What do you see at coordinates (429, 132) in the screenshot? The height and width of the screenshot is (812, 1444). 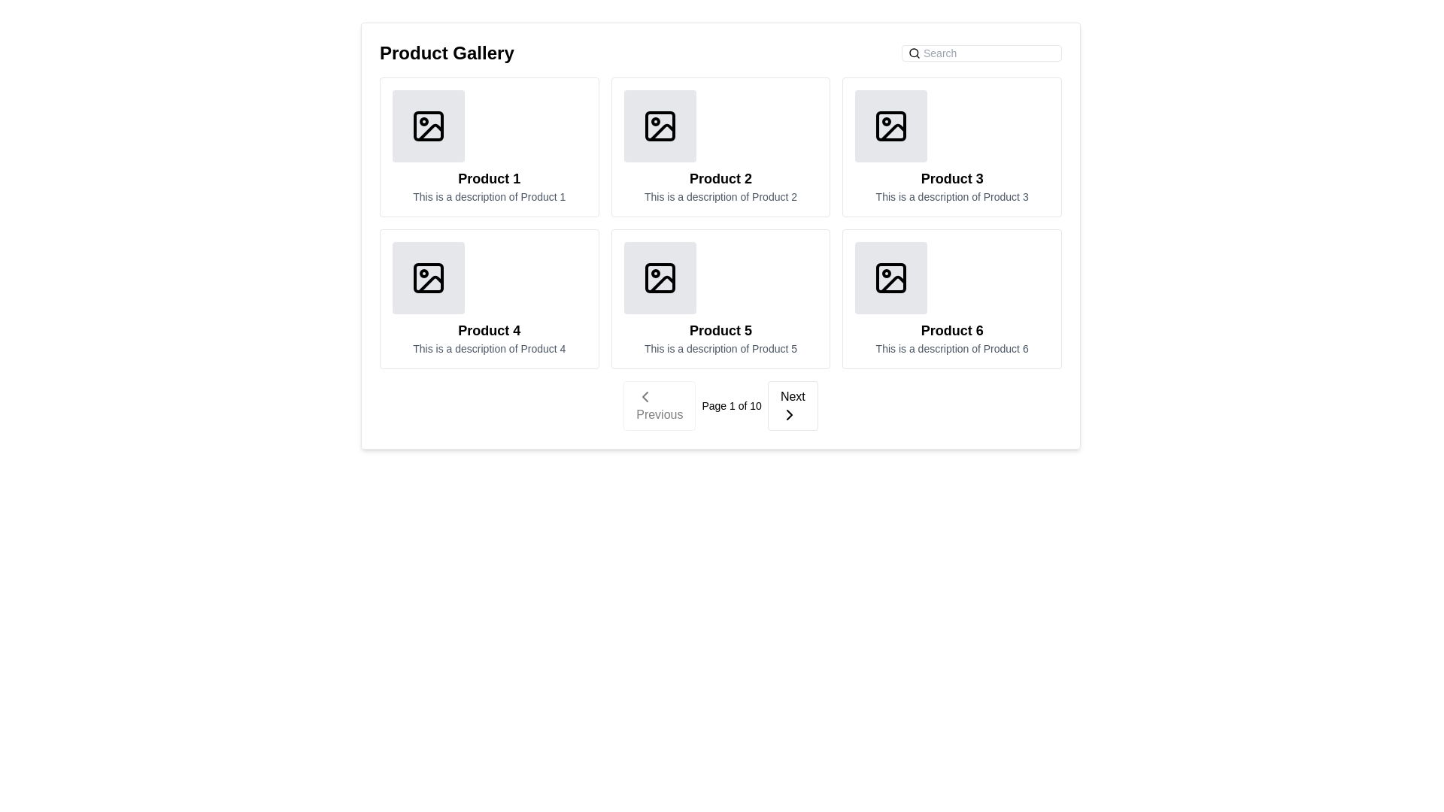 I see `decorative graphical component within the image placeholder icon of 'Product 1' located in the upper-left corner of the product gallery` at bounding box center [429, 132].